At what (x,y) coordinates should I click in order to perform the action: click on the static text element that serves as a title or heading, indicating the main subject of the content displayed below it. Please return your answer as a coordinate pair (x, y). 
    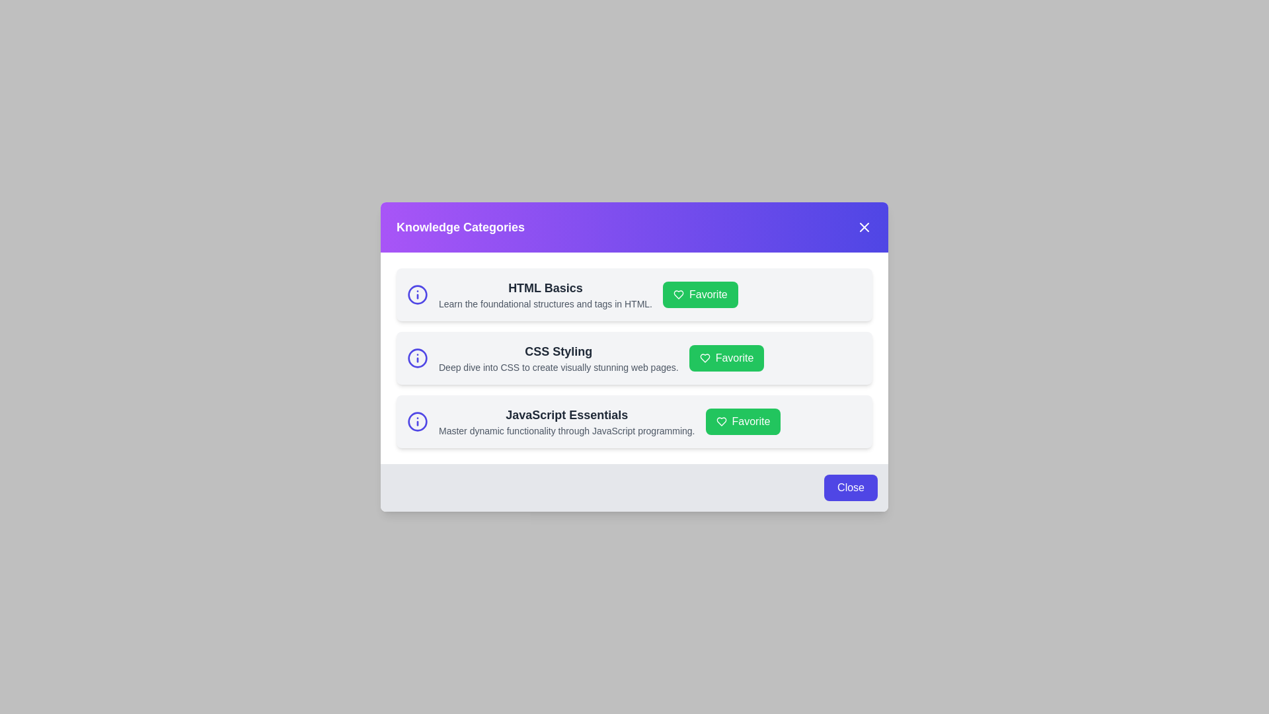
    Looking at the image, I should click on (460, 226).